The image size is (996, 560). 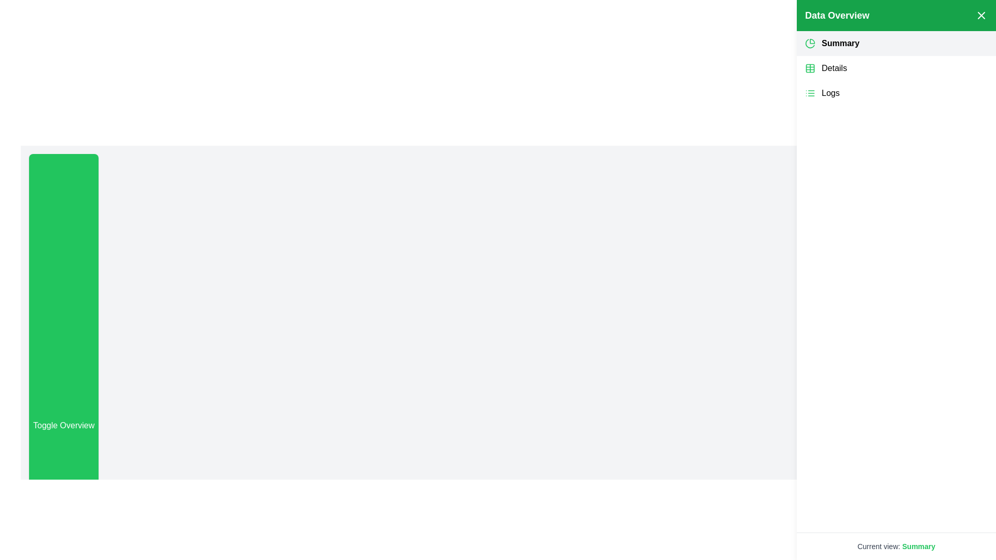 What do you see at coordinates (980, 16) in the screenshot?
I see `the close button (icon button in the form of an 'X') located at the top-right corner of the 'Data Overview' header` at bounding box center [980, 16].